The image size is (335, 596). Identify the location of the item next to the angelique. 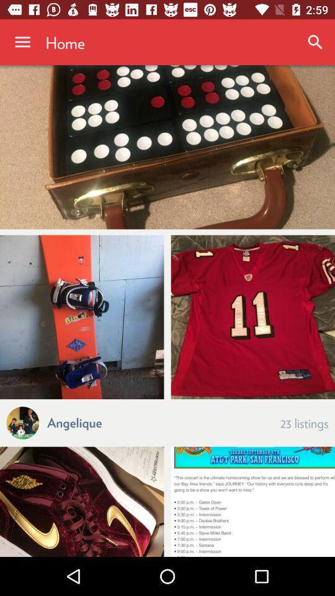
(303, 422).